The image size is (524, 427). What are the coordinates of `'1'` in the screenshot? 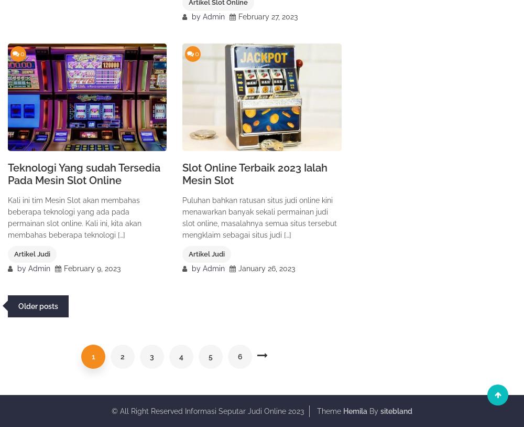 It's located at (93, 357).